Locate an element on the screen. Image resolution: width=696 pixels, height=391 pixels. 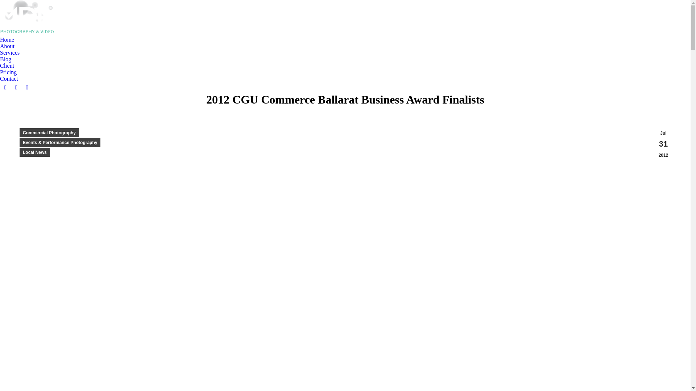
'Linkedin page opens in new window' is located at coordinates (5, 87).